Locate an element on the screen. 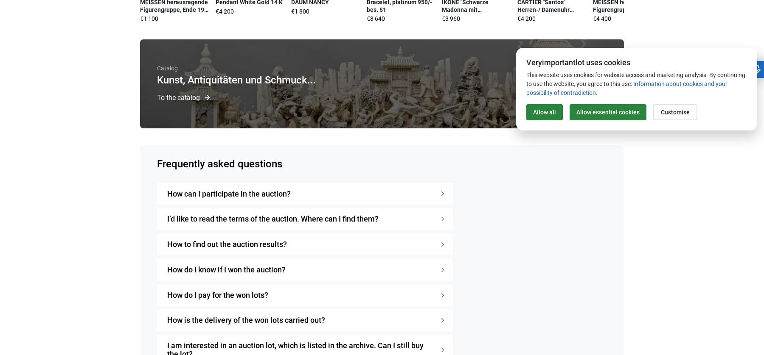  'How can I participate in the auction?' is located at coordinates (228, 193).